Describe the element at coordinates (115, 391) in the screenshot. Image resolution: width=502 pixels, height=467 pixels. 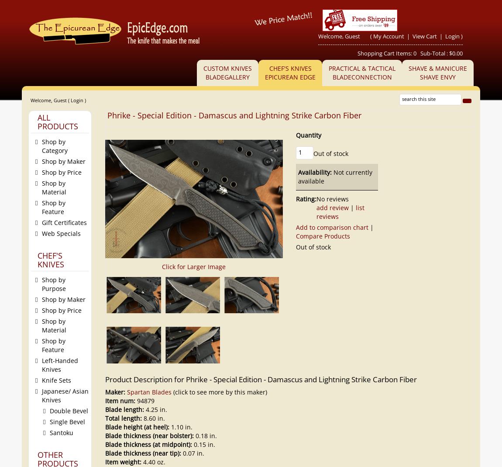
I see `'Maker:'` at that location.